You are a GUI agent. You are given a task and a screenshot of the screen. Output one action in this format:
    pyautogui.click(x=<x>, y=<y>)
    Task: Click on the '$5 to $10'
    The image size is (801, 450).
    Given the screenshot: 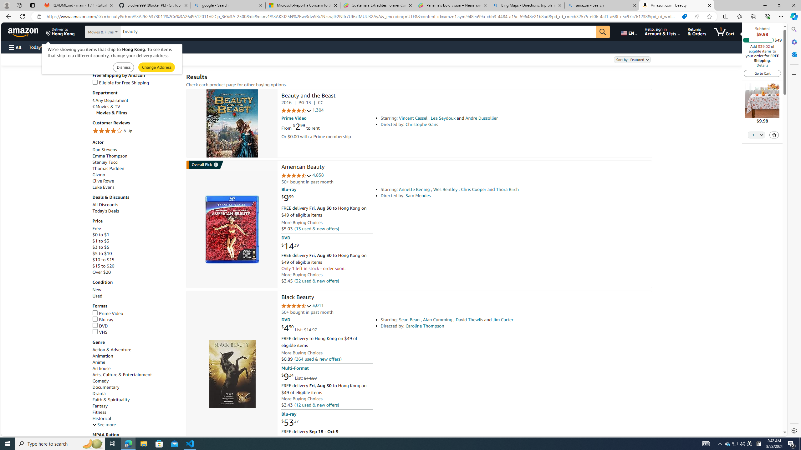 What is the action you would take?
    pyautogui.click(x=136, y=253)
    